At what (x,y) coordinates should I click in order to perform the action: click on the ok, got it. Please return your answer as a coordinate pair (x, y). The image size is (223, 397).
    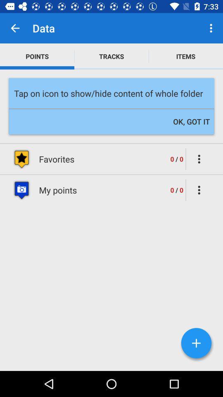
    Looking at the image, I should click on (191, 121).